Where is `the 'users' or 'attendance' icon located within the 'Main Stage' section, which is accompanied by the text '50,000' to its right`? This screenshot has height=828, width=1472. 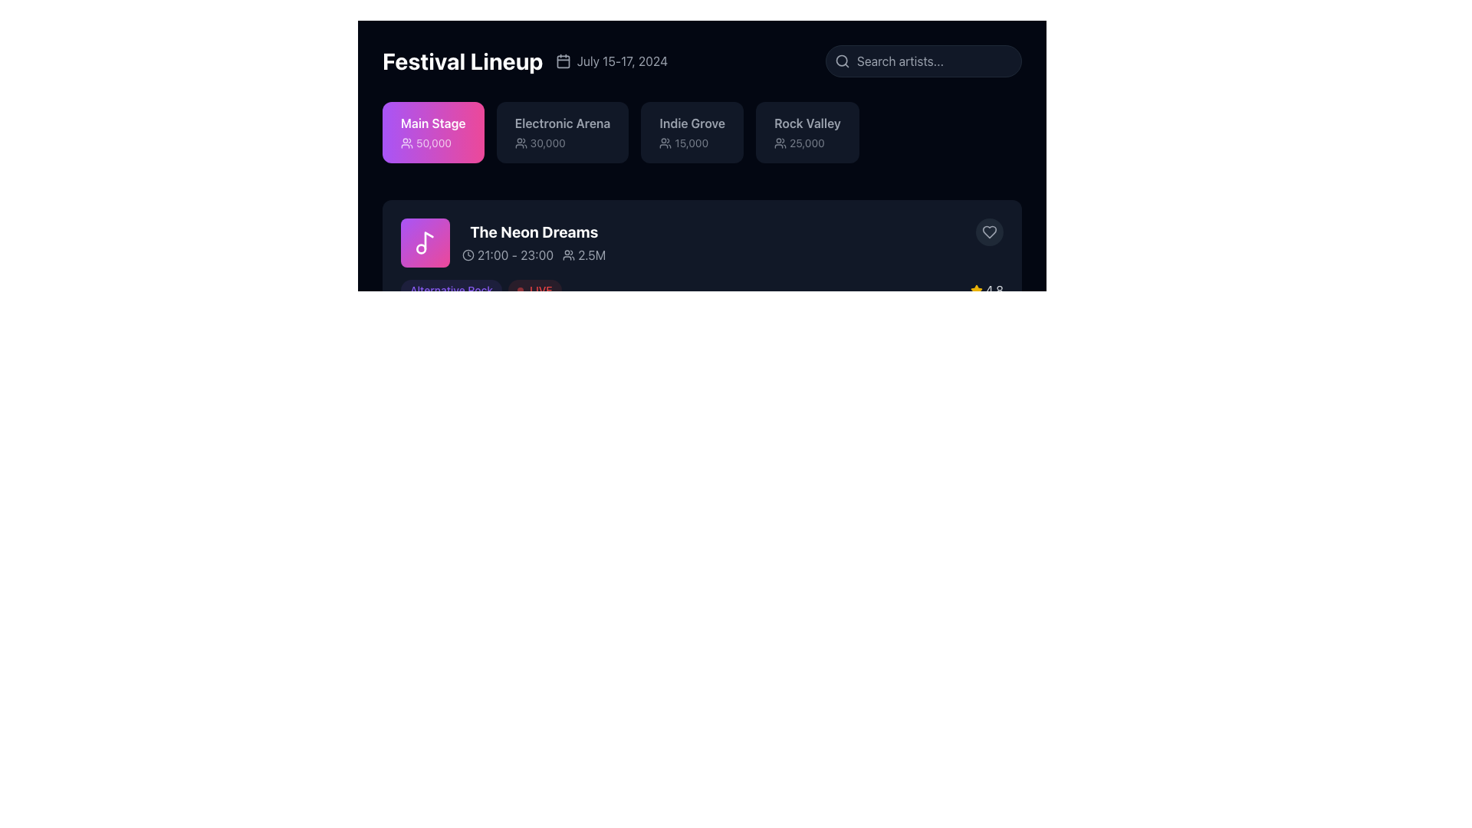
the 'users' or 'attendance' icon located within the 'Main Stage' section, which is accompanied by the text '50,000' to its right is located at coordinates (407, 143).